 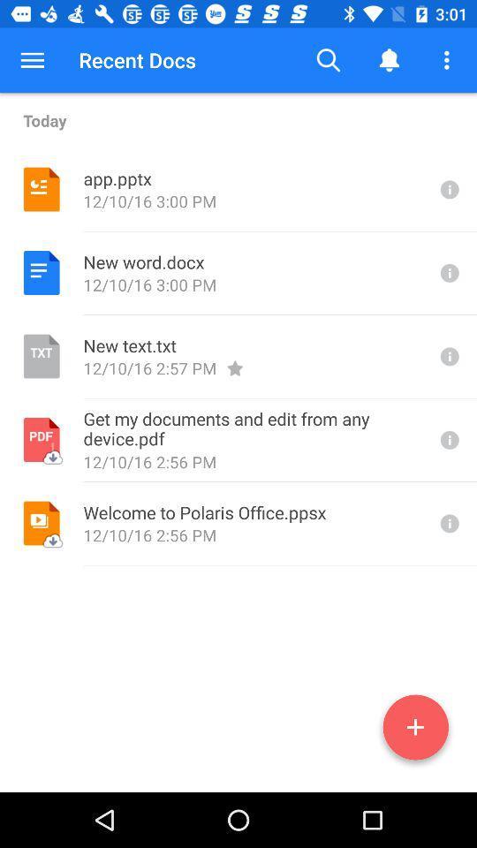 What do you see at coordinates (448, 523) in the screenshot?
I see `pulls up additional information` at bounding box center [448, 523].